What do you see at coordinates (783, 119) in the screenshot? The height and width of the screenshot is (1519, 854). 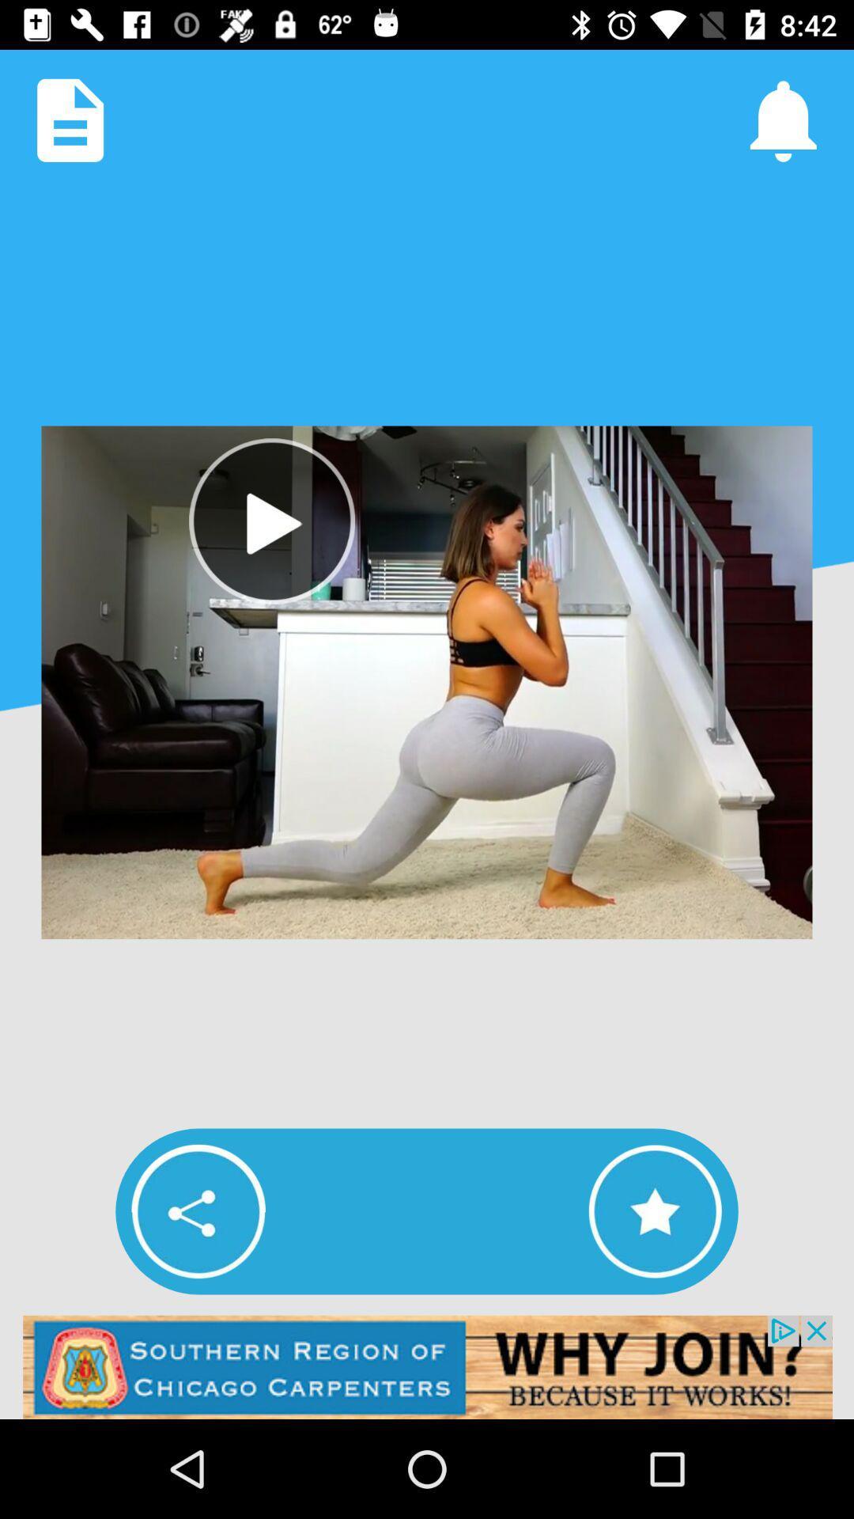 I see `the notifications icon` at bounding box center [783, 119].